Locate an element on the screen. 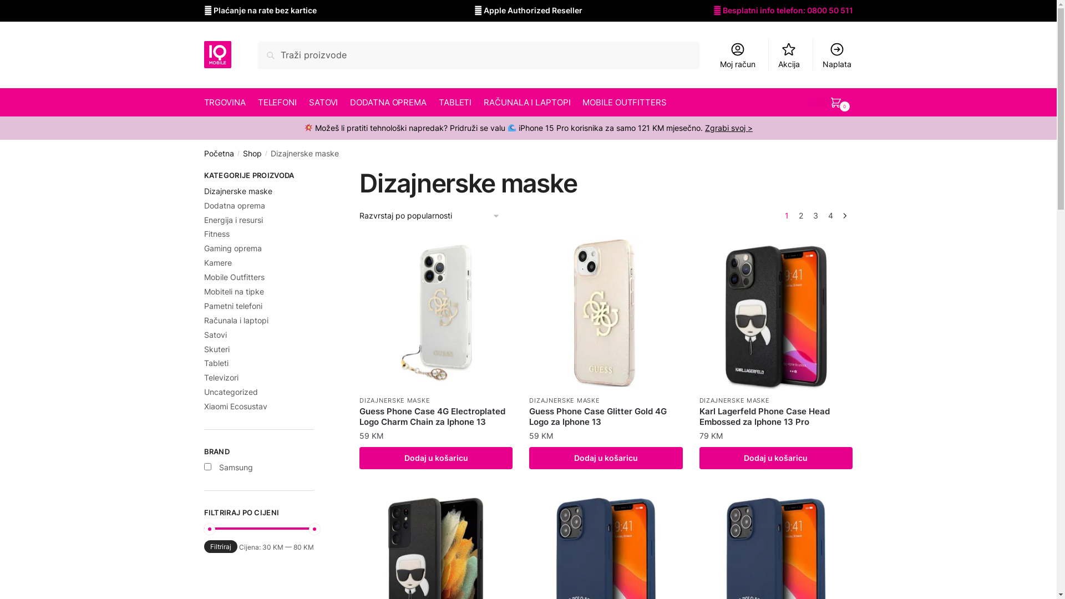 The width and height of the screenshot is (1065, 599). 'Kamere' is located at coordinates (218, 262).